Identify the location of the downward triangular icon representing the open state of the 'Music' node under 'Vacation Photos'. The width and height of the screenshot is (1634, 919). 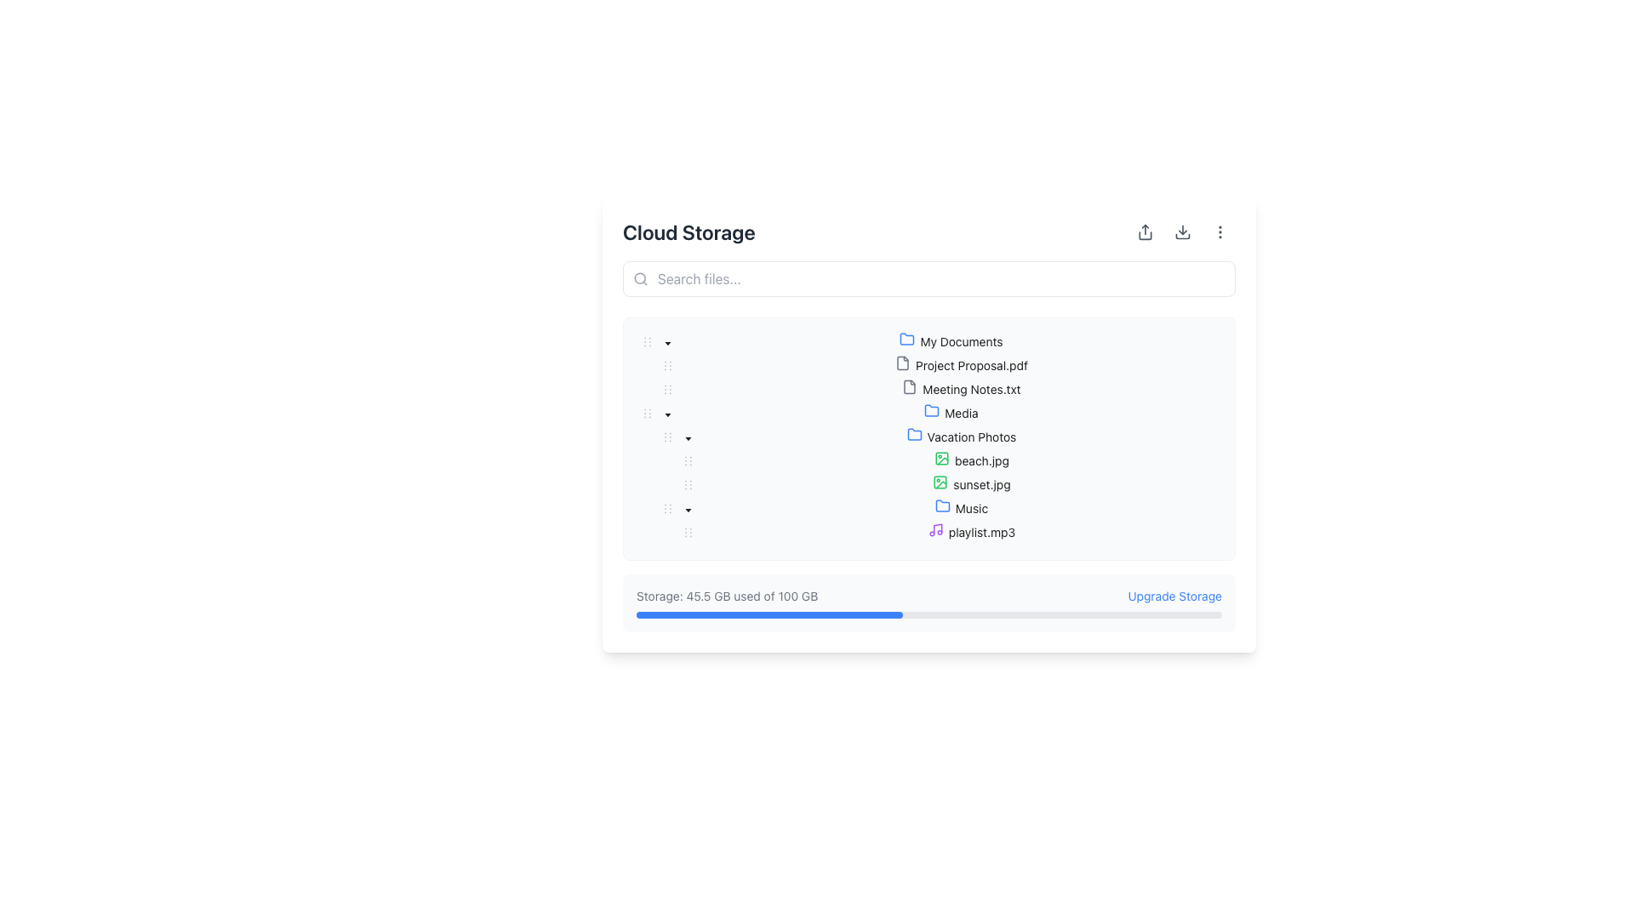
(688, 507).